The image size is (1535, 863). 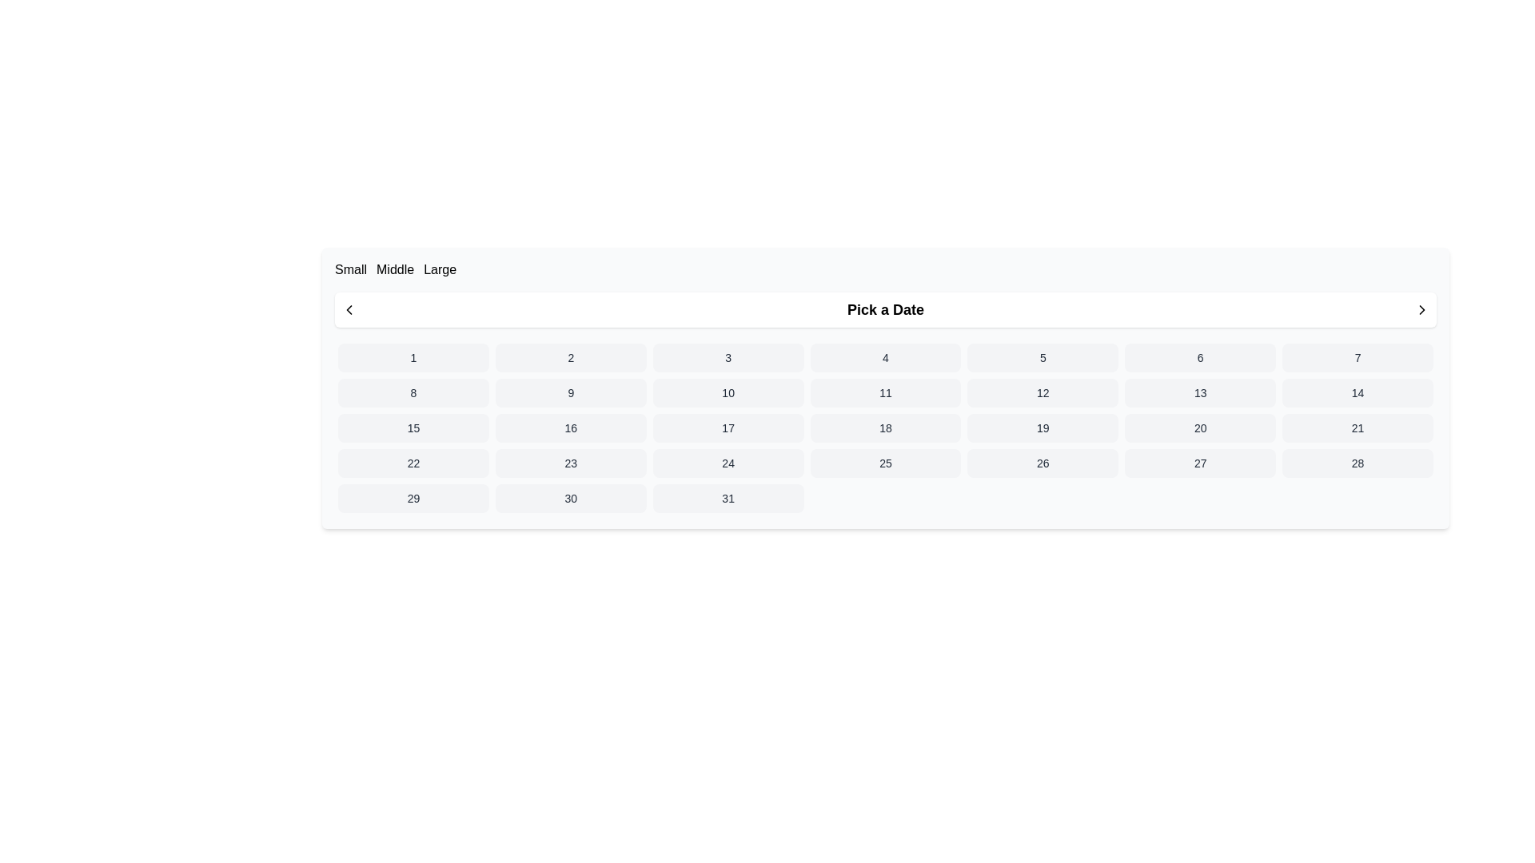 What do you see at coordinates (1200, 463) in the screenshot?
I see `the date selection button located in the fourth row and seventh column of the date picker grid` at bounding box center [1200, 463].